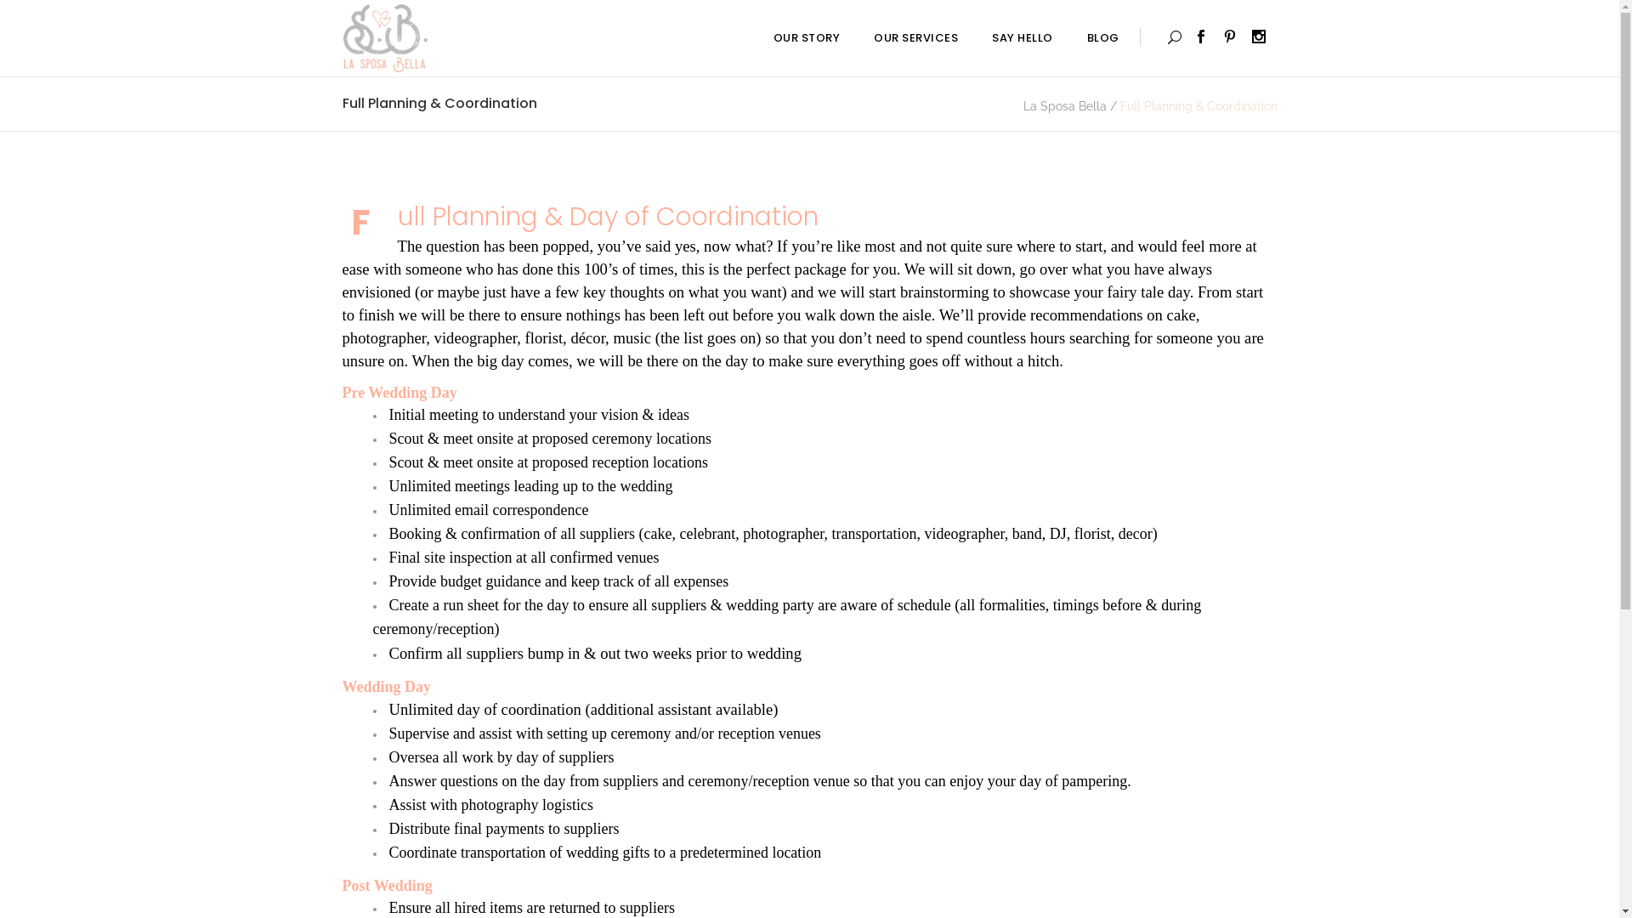 This screenshot has height=918, width=1632. I want to click on 'OUR STORY', so click(806, 38).